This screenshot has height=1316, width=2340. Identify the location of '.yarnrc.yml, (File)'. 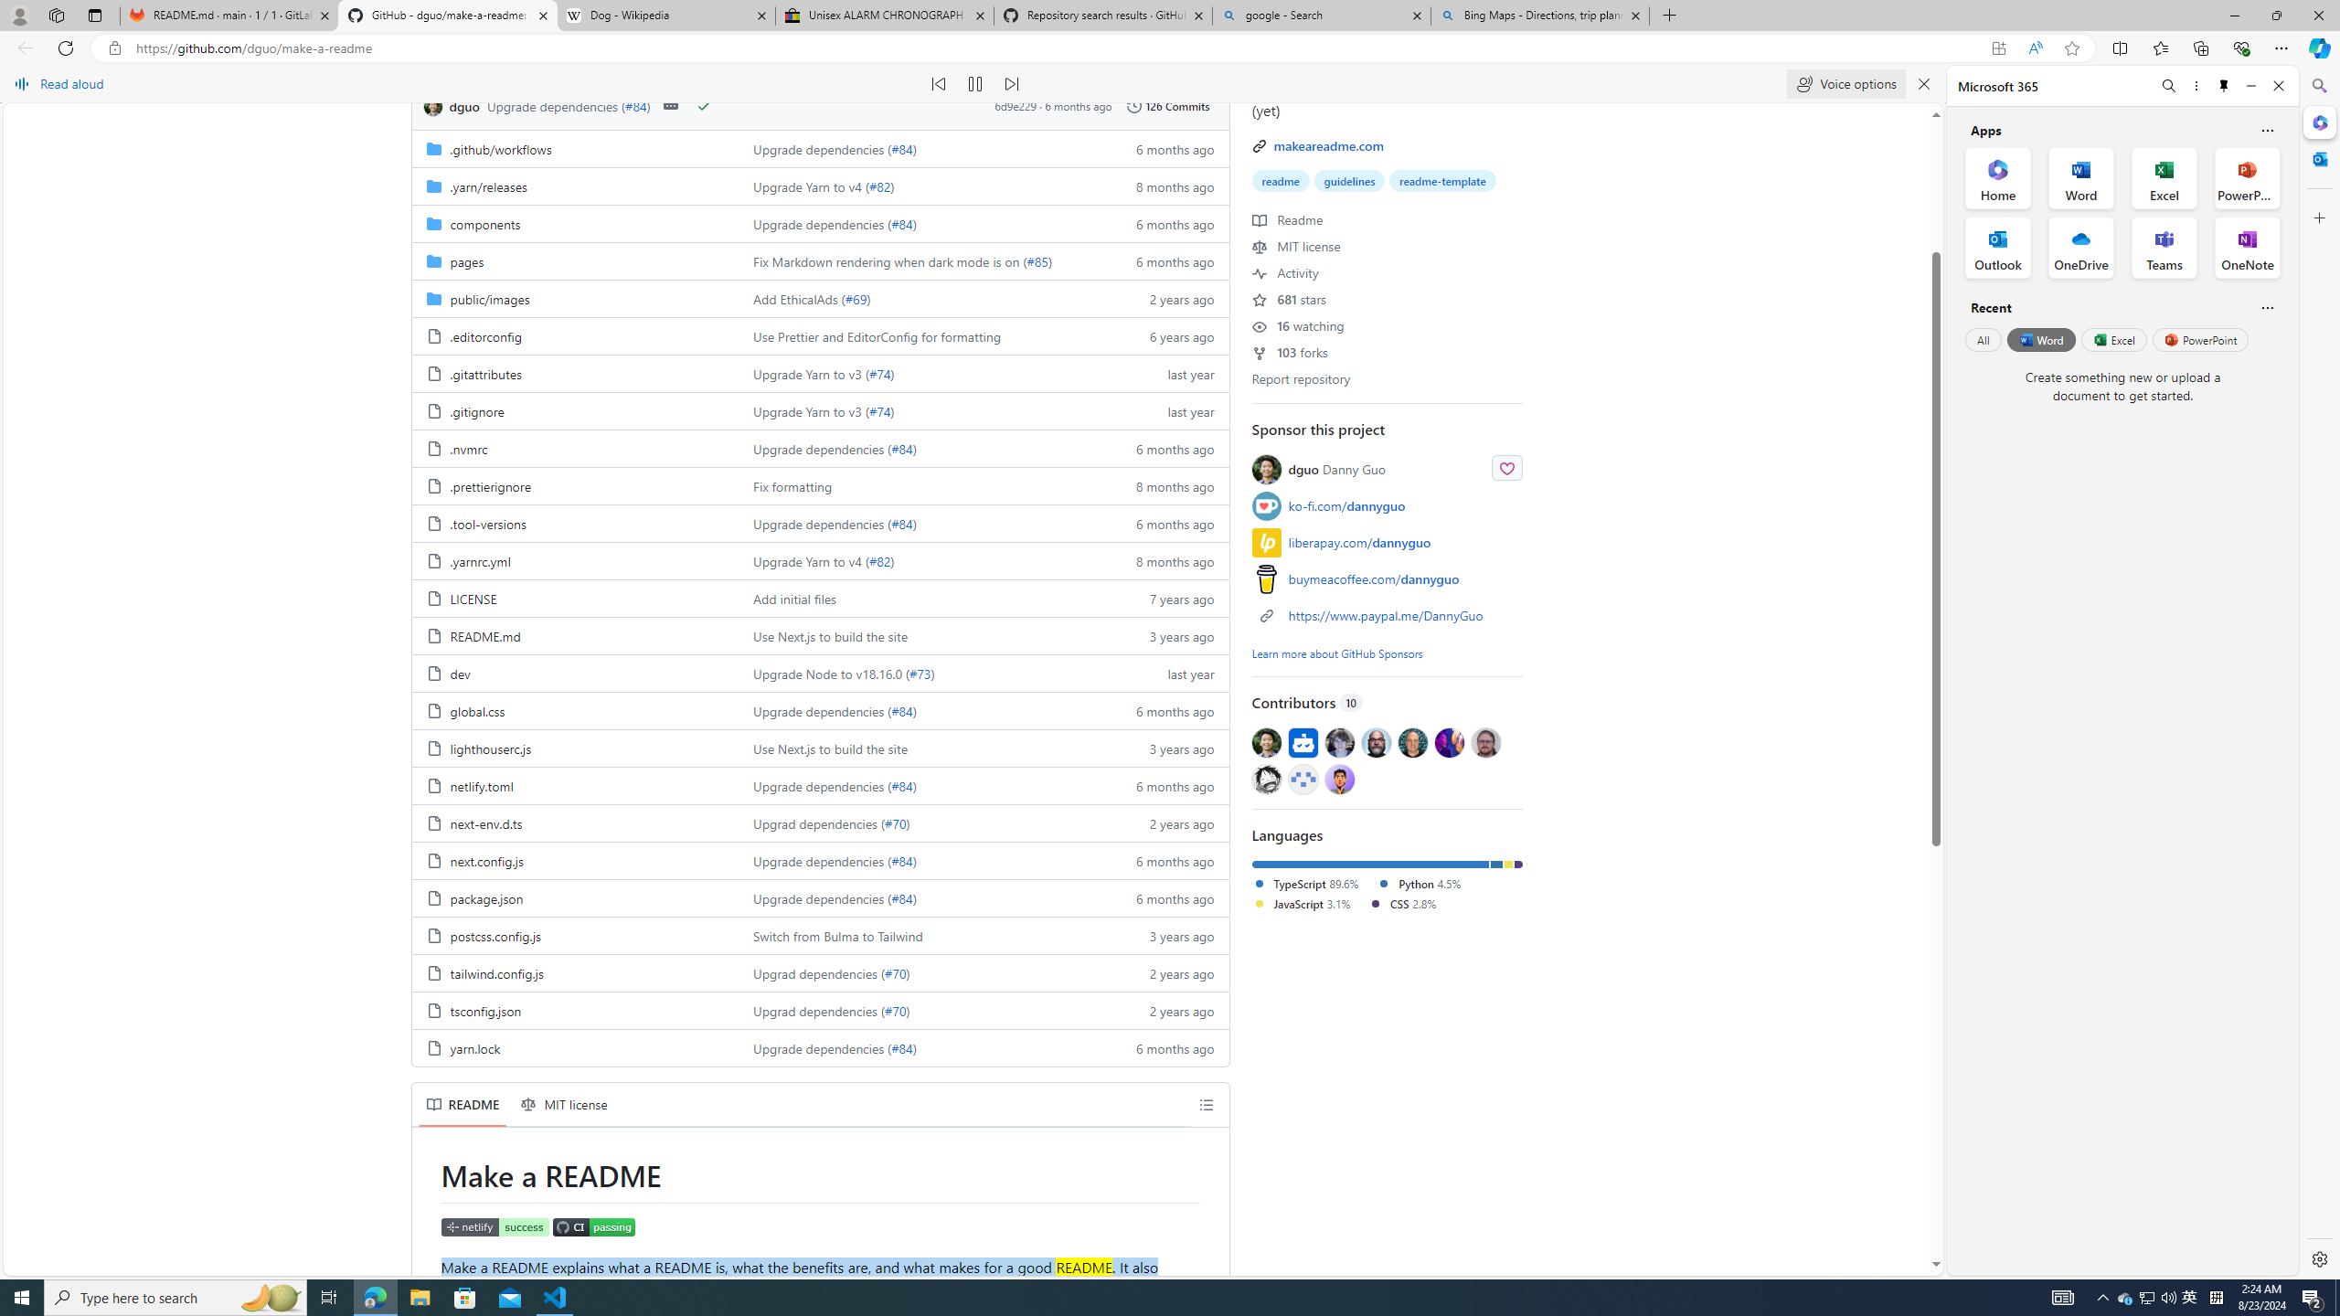
(574, 559).